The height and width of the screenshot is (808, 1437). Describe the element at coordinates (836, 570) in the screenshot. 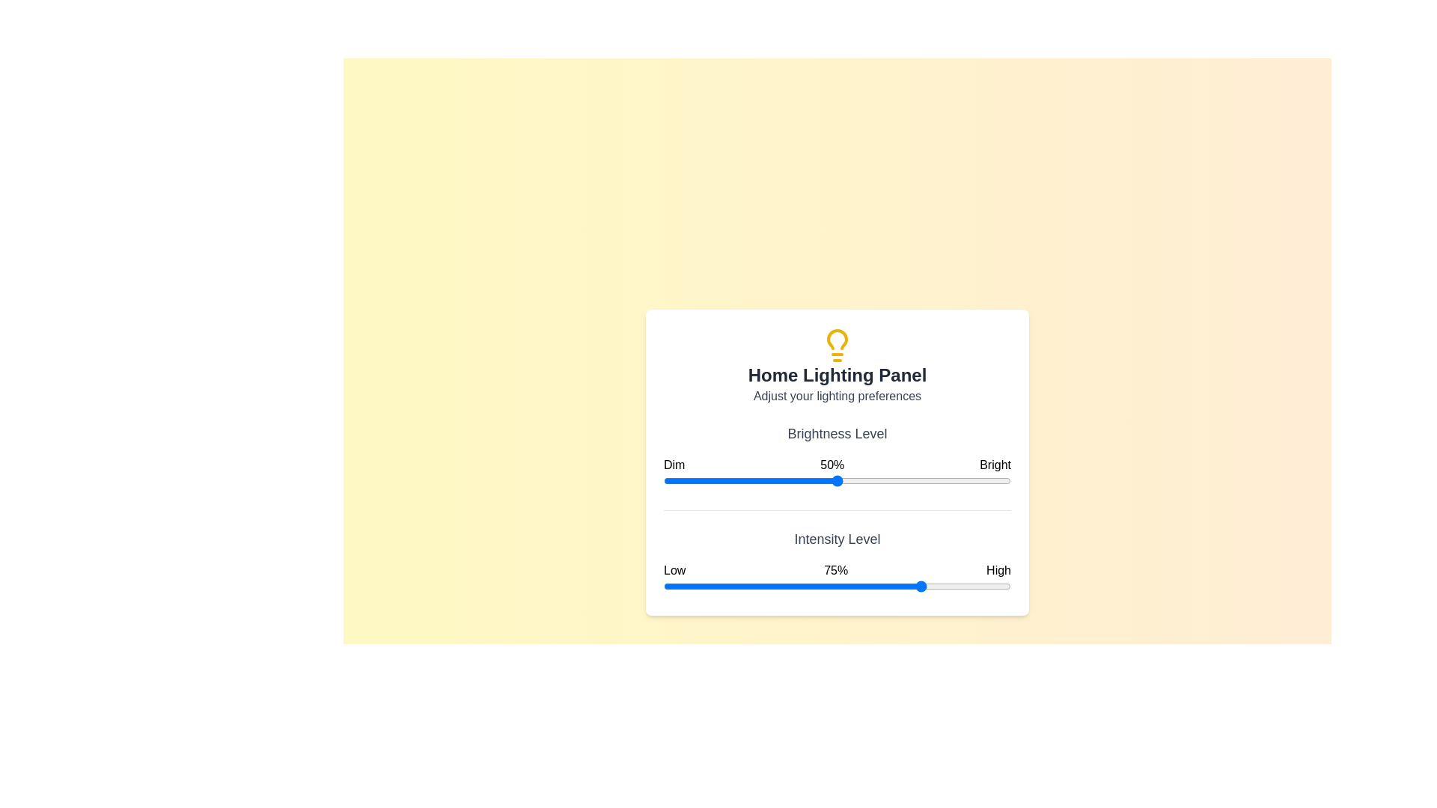

I see `the Label group for the slider which contains the texts 'Low', '75%', and 'High', positioned above the range slider and below the label 'Intensity Level'` at that location.